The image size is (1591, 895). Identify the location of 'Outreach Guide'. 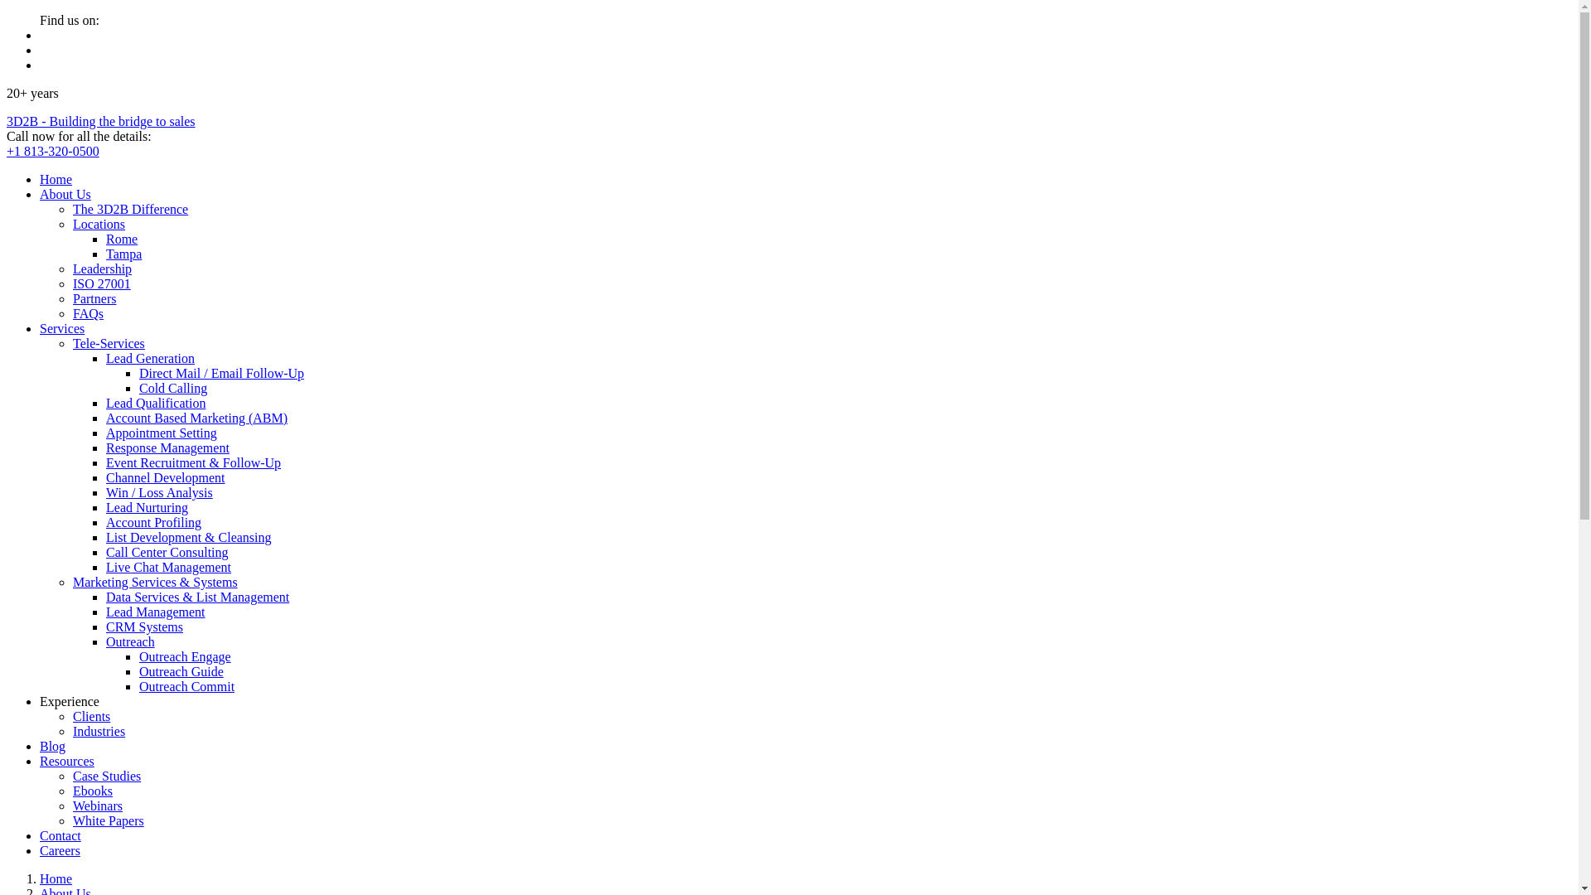
(181, 671).